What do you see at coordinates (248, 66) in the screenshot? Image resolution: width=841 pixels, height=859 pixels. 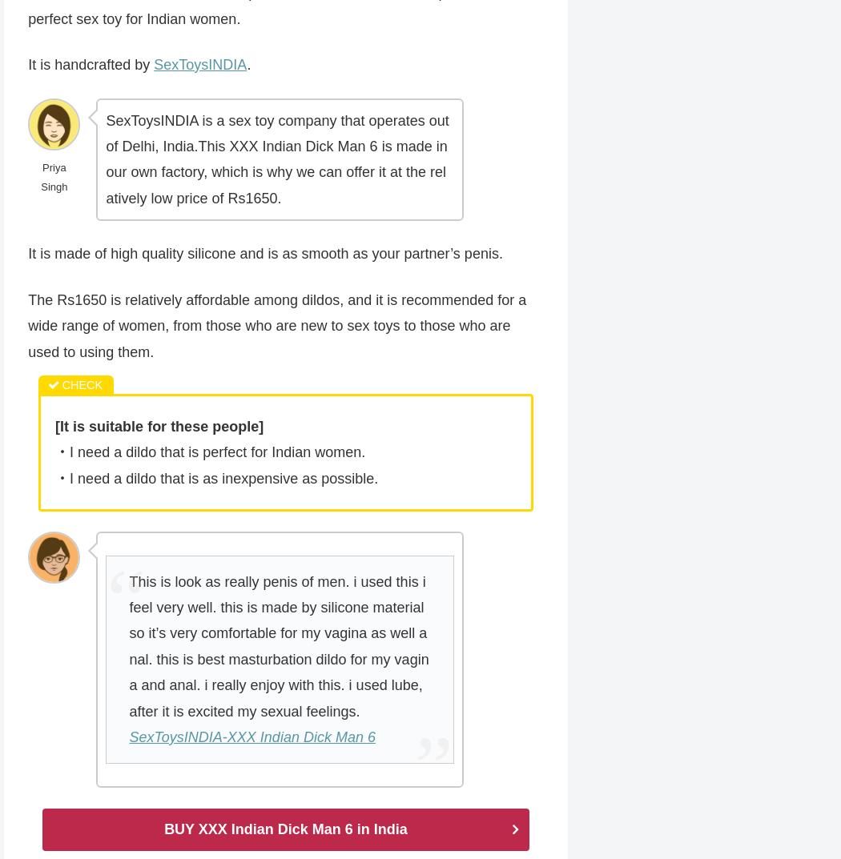 I see `'.'` at bounding box center [248, 66].